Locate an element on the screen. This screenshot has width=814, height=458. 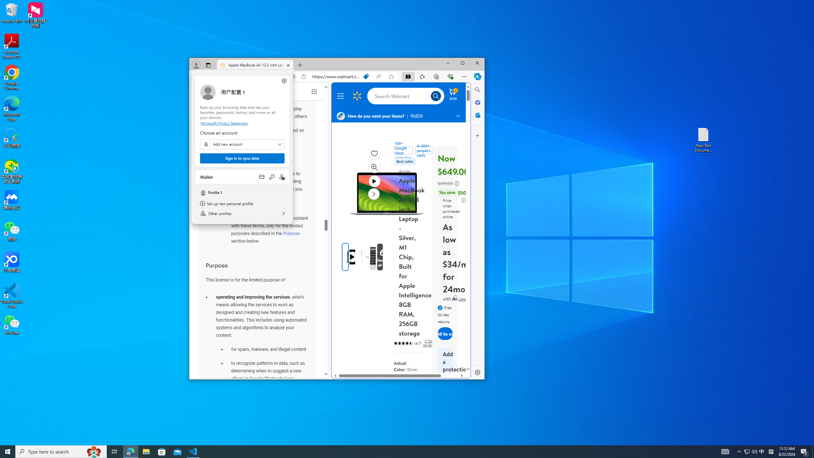
'Apple' is located at coordinates (404, 171).